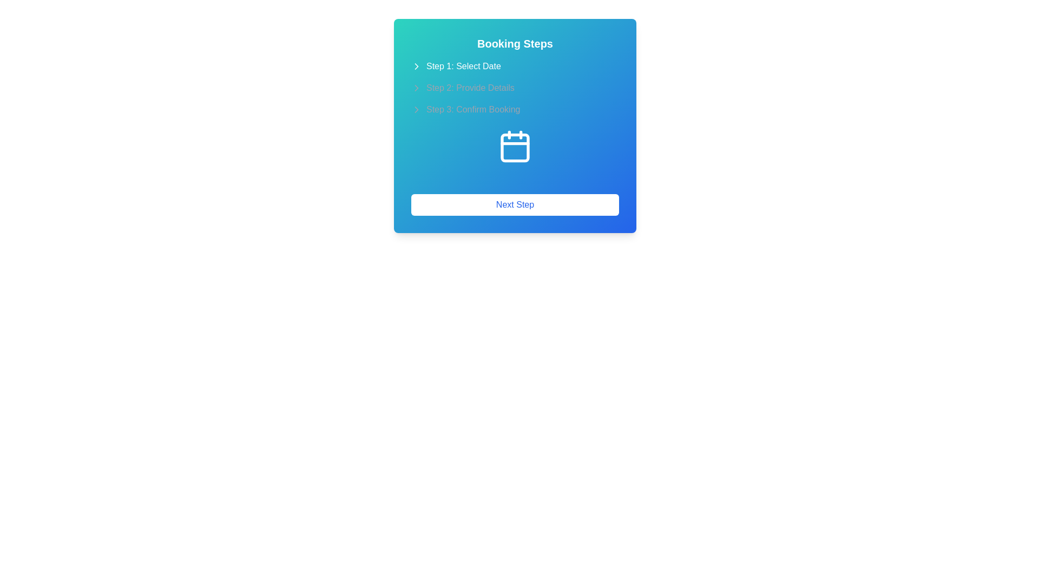 The image size is (1039, 584). I want to click on the third step, so click(514, 110).